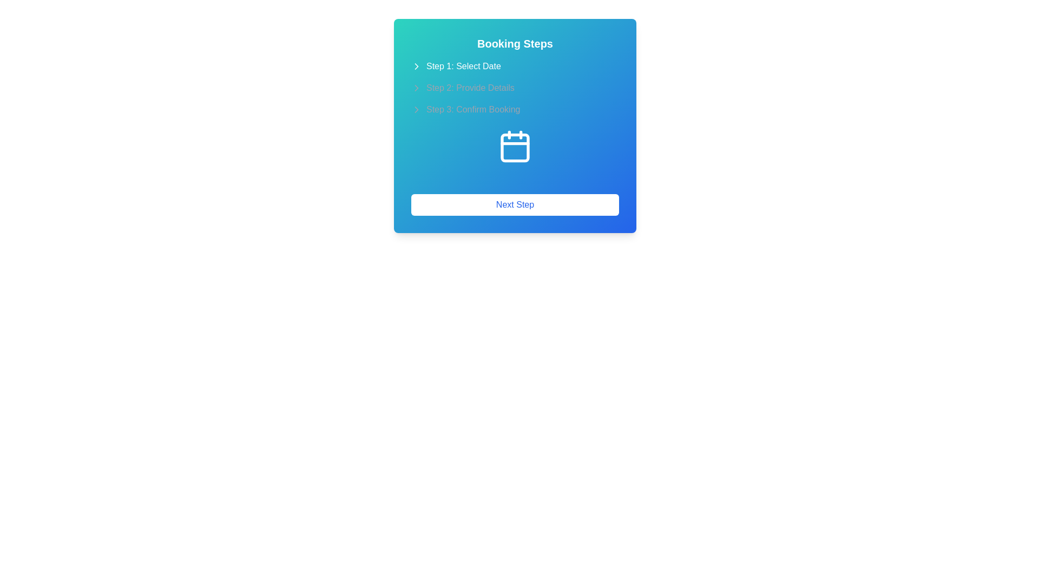 The image size is (1039, 584). I want to click on the third step, so click(514, 110).